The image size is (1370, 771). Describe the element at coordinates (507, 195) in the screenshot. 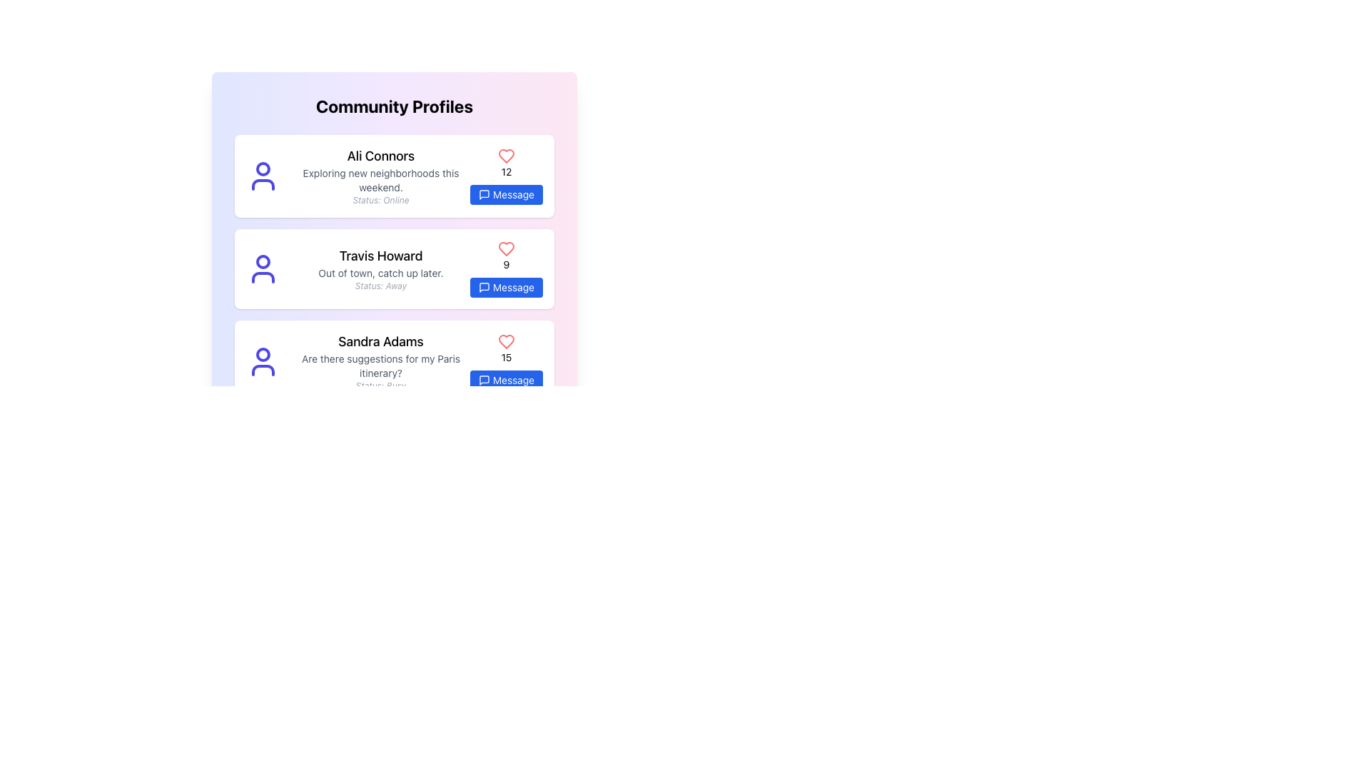

I see `the 'Message' button located at the bottom right corner of the profile card, which has a blue background, white text, and a chat bubble icon` at that location.